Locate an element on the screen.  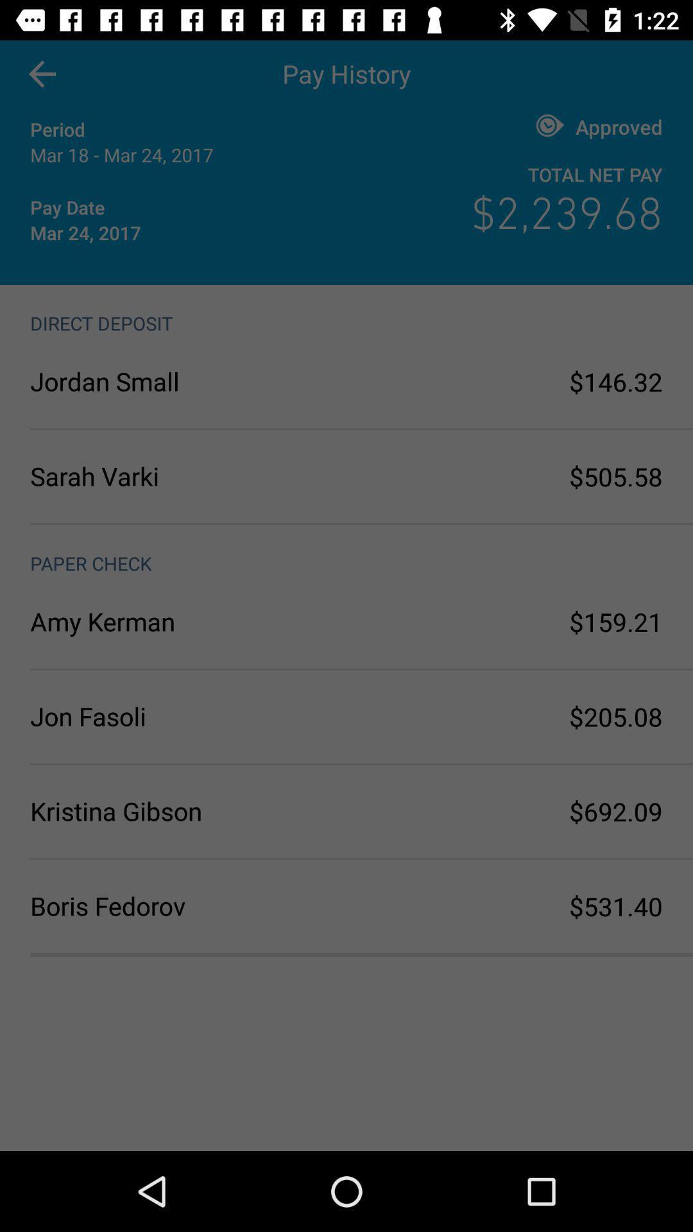
the arrow_backward icon is located at coordinates (41, 73).